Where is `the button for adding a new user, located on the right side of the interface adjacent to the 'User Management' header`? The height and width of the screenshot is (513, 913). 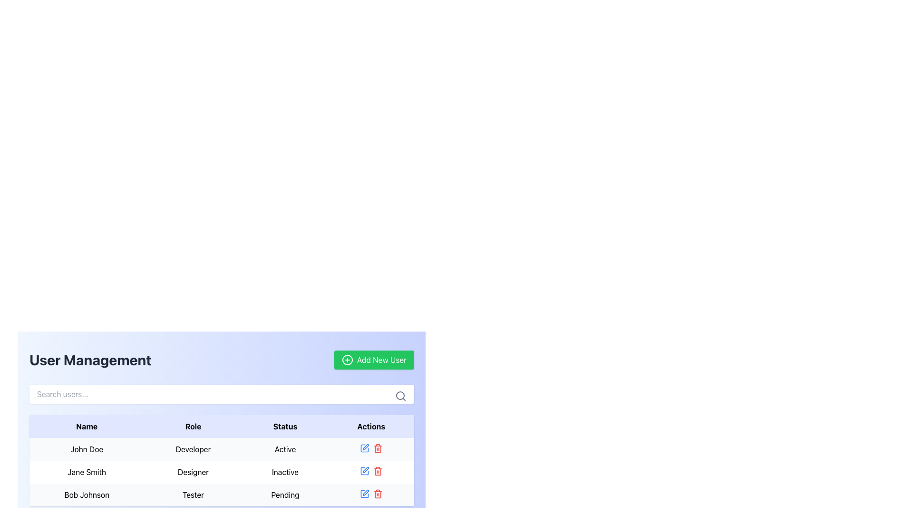 the button for adding a new user, located on the right side of the interface adjacent to the 'User Management' header is located at coordinates (374, 360).